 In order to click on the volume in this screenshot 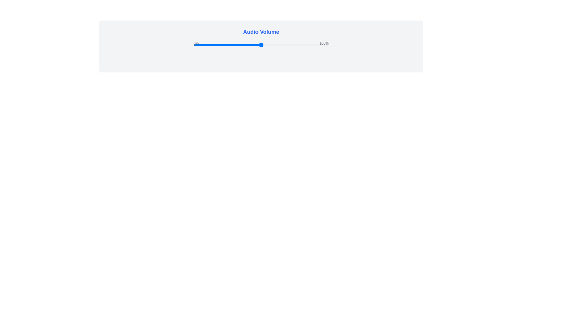, I will do `click(307, 45)`.